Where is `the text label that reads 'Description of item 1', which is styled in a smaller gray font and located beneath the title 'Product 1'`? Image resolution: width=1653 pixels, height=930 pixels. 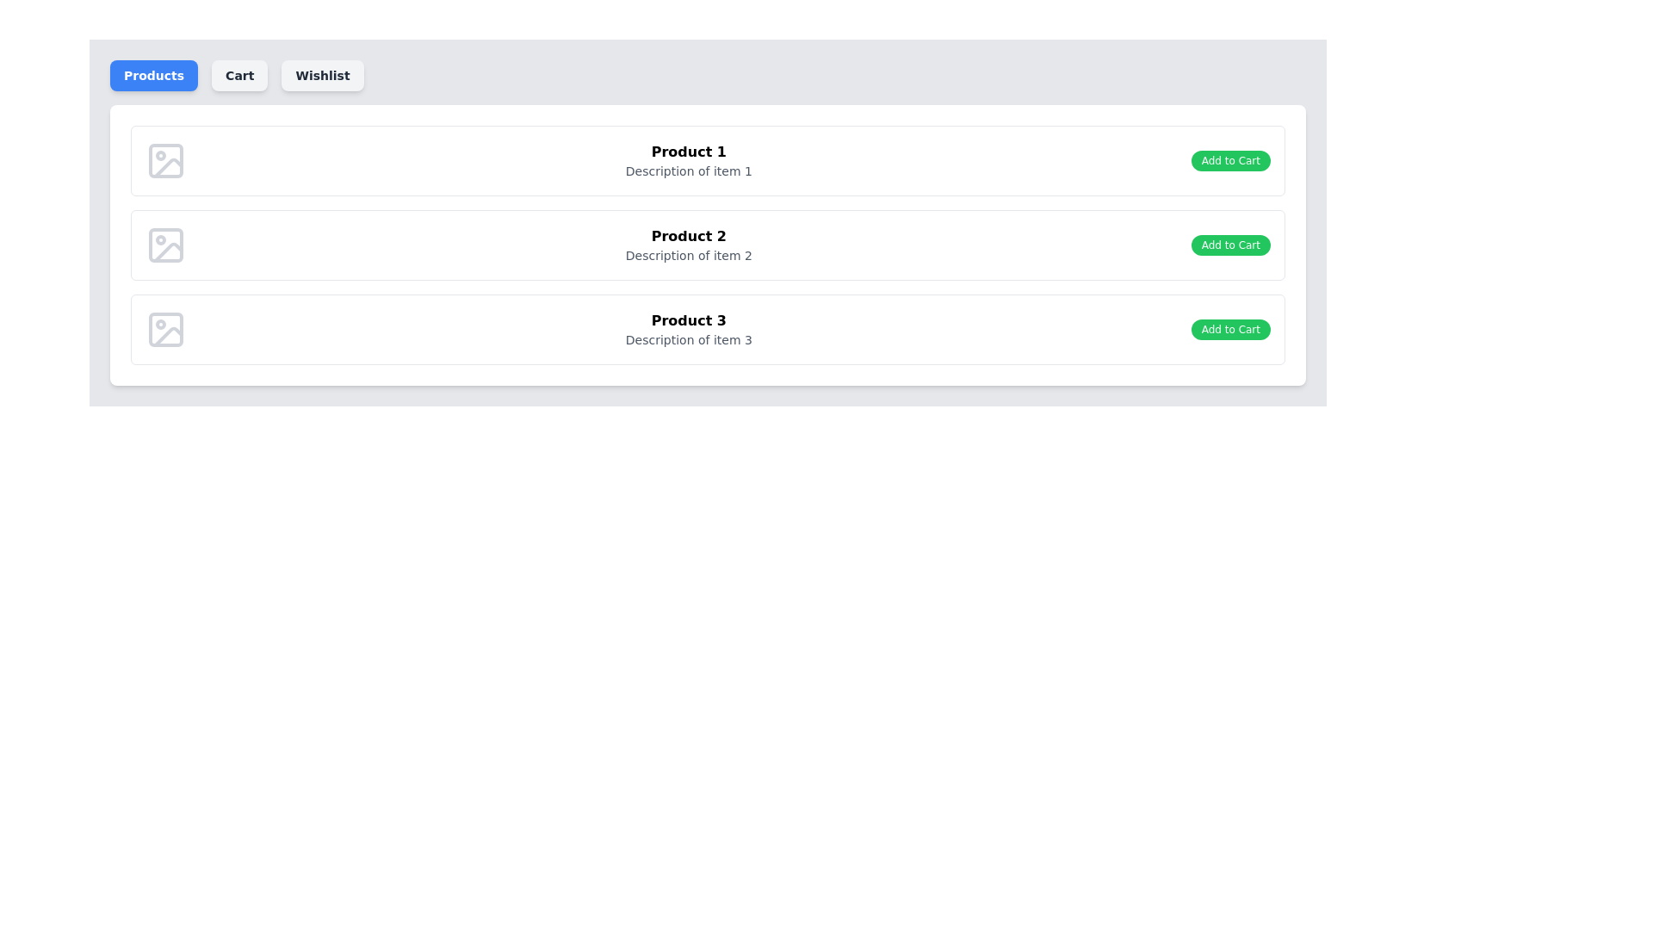
the text label that reads 'Description of item 1', which is styled in a smaller gray font and located beneath the title 'Product 1' is located at coordinates (689, 171).